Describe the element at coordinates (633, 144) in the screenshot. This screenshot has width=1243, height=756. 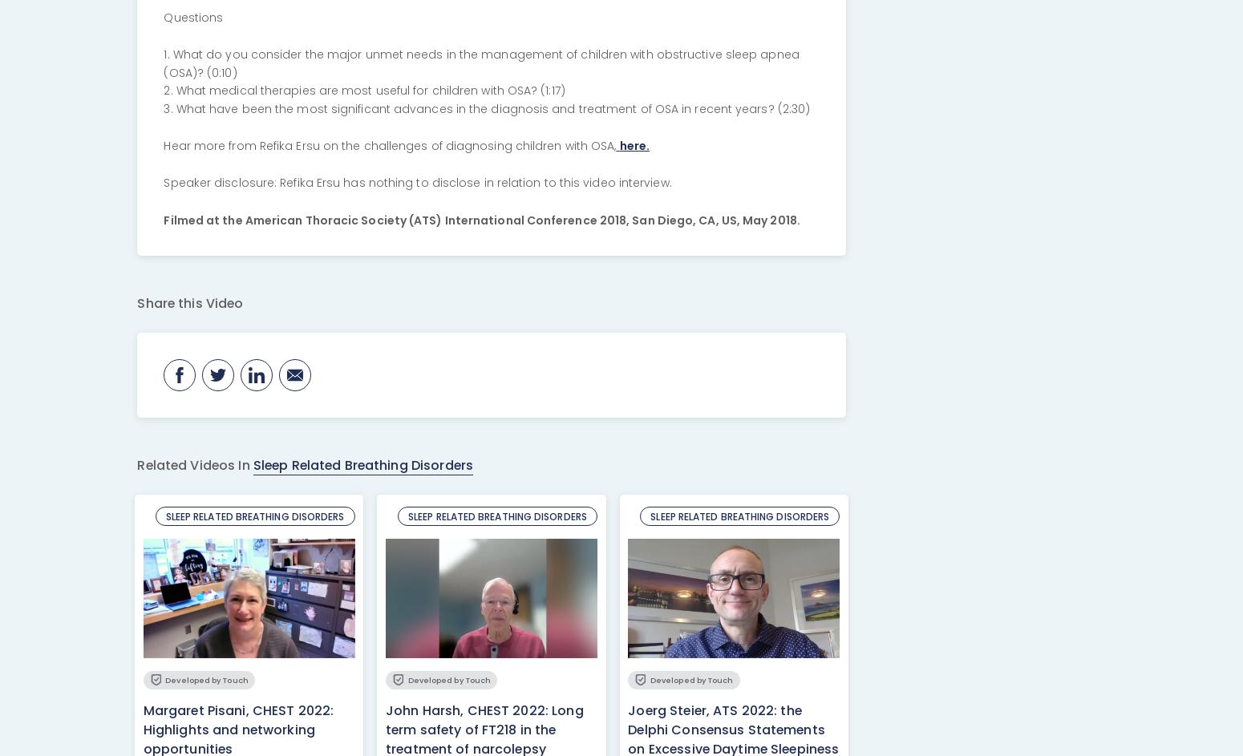
I see `'here.'` at that location.